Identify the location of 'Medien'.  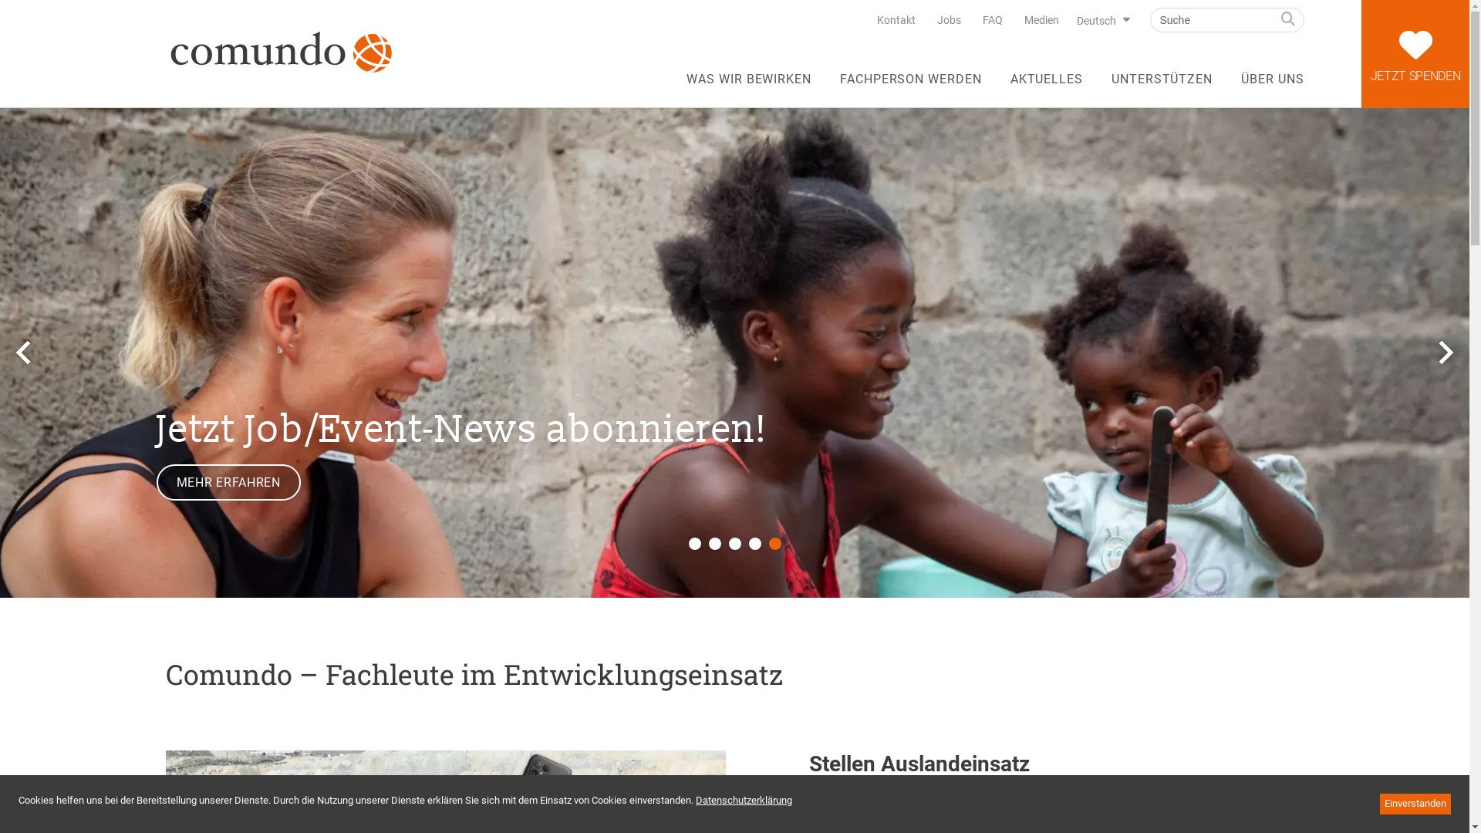
(1041, 20).